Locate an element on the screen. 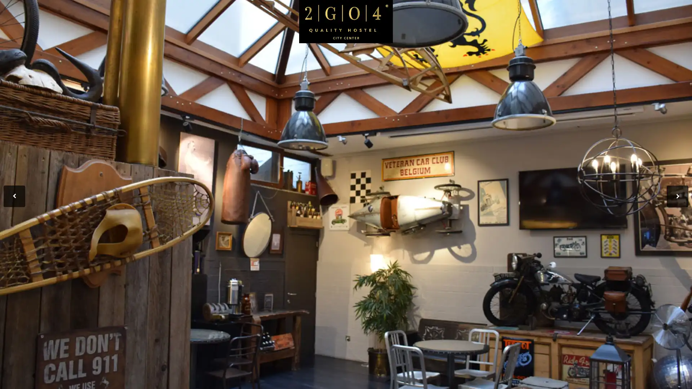  book now is located at coordinates (632, 58).